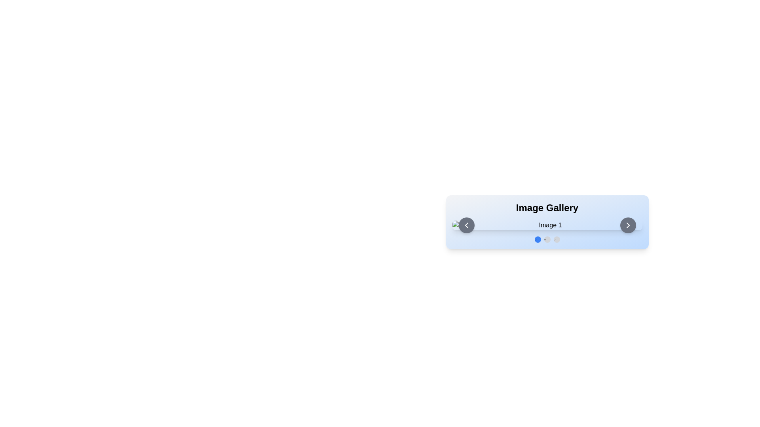  What do you see at coordinates (466, 225) in the screenshot?
I see `the 'previous' button located on the left side of the gallery` at bounding box center [466, 225].